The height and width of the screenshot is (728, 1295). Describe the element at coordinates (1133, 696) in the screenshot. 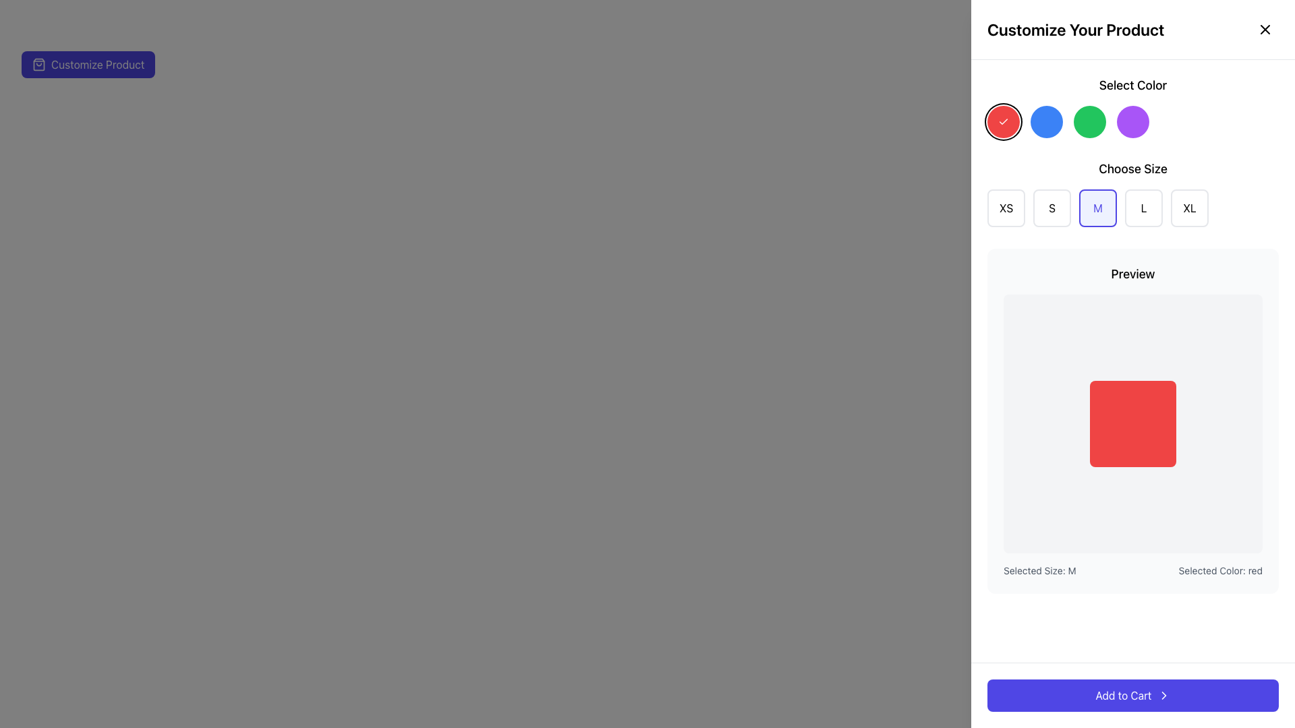

I see `the 'Add to Cart' button located at the bottom of the product customization interface` at that location.